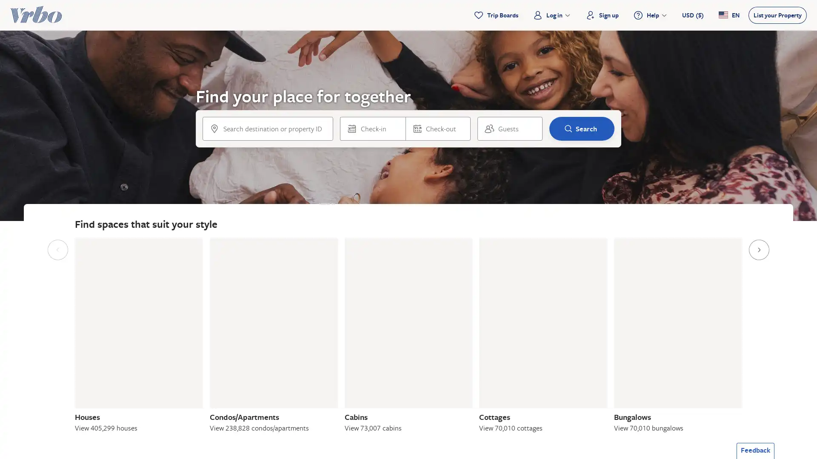 Image resolution: width=817 pixels, height=459 pixels. What do you see at coordinates (57, 325) in the screenshot?
I see `Previous` at bounding box center [57, 325].